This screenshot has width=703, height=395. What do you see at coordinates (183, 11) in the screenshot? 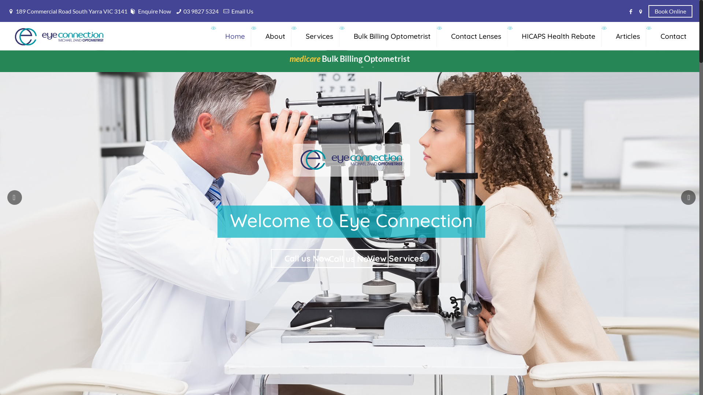
I see `'03 9827 5324'` at bounding box center [183, 11].